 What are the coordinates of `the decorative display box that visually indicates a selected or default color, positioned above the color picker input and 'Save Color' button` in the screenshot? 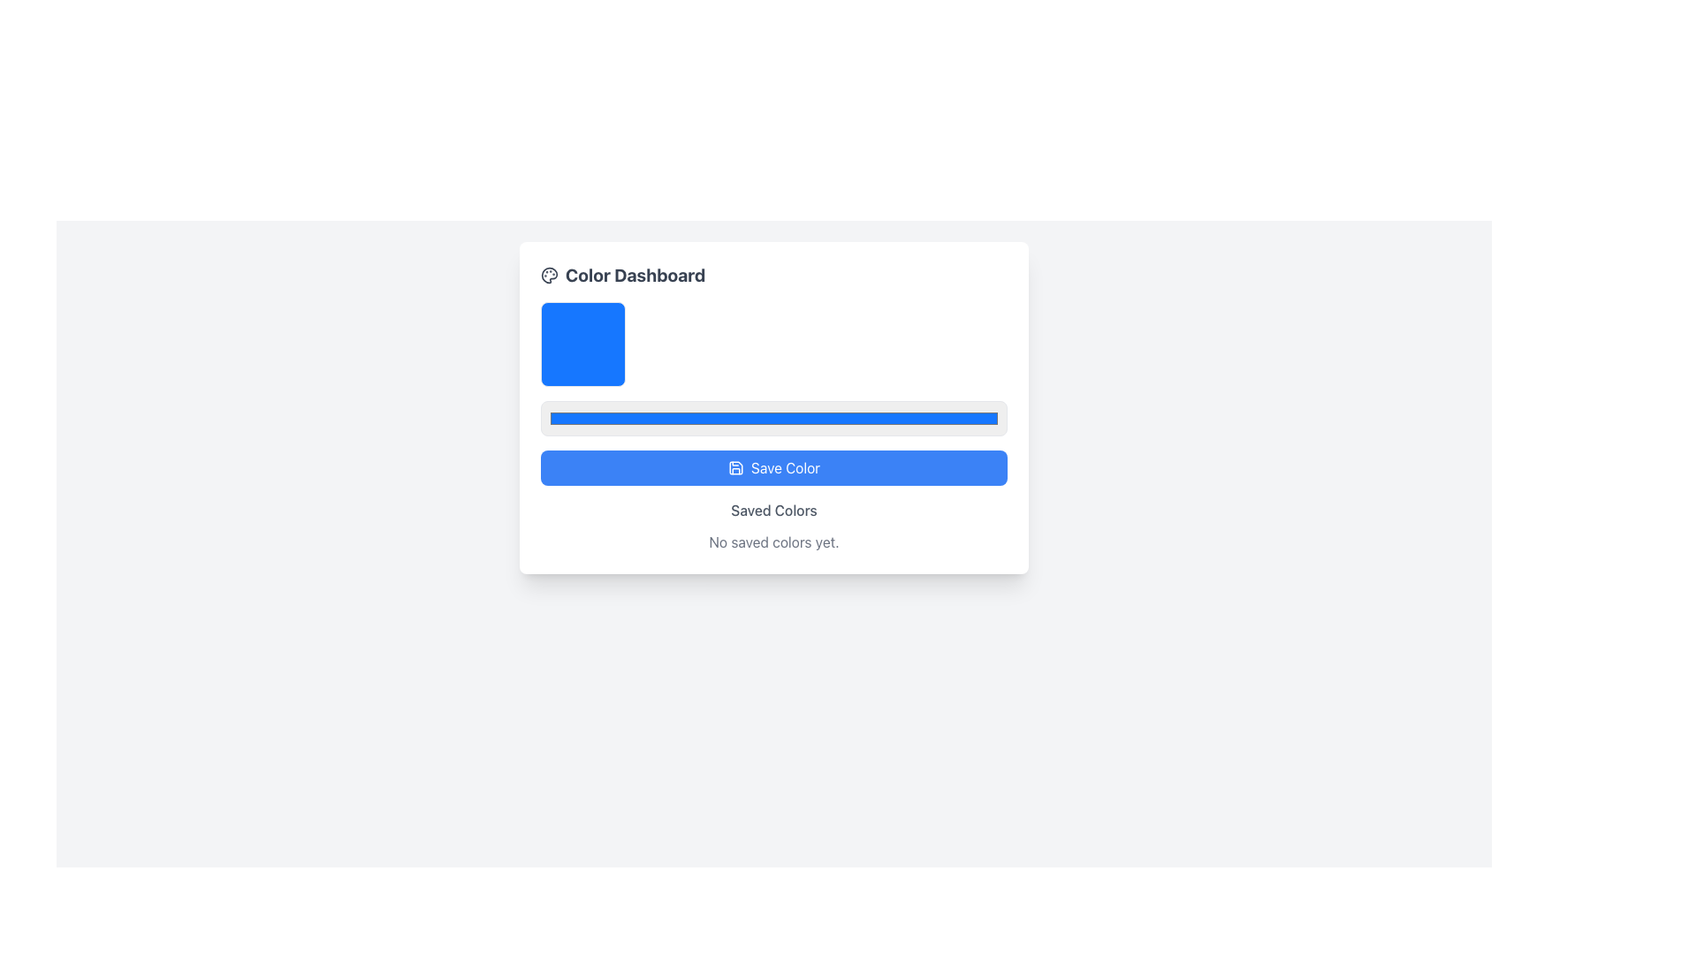 It's located at (583, 344).